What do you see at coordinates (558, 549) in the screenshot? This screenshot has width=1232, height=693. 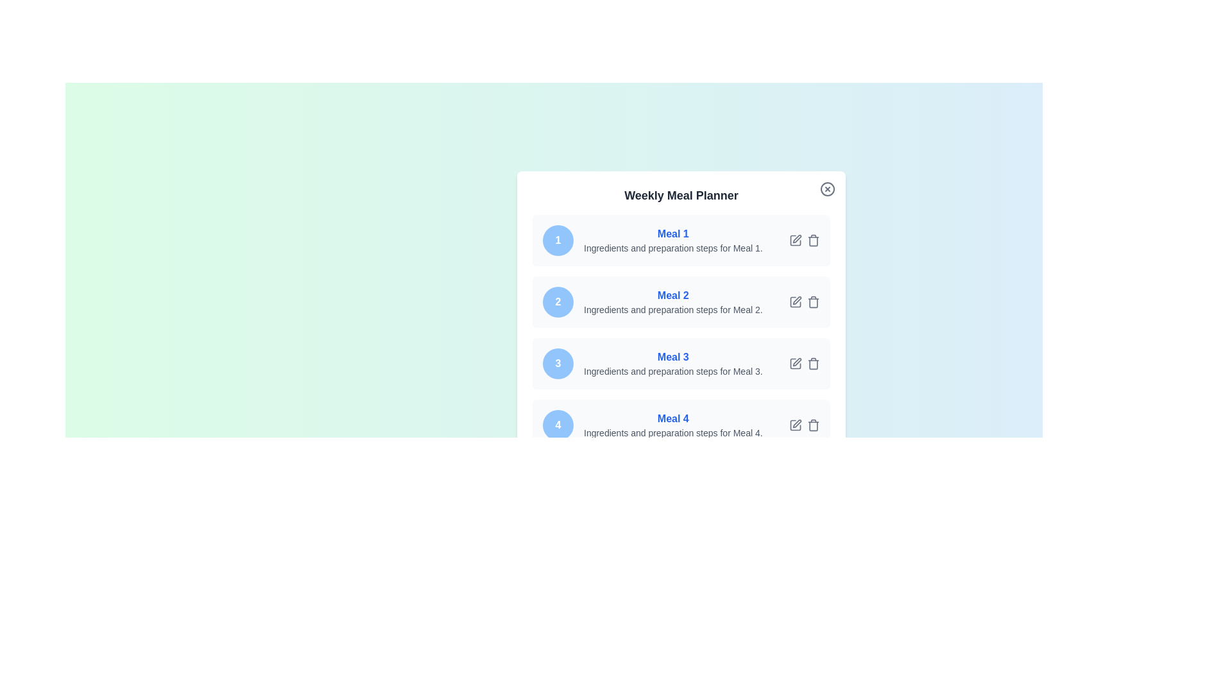 I see `the day indicator for meal 6` at bounding box center [558, 549].